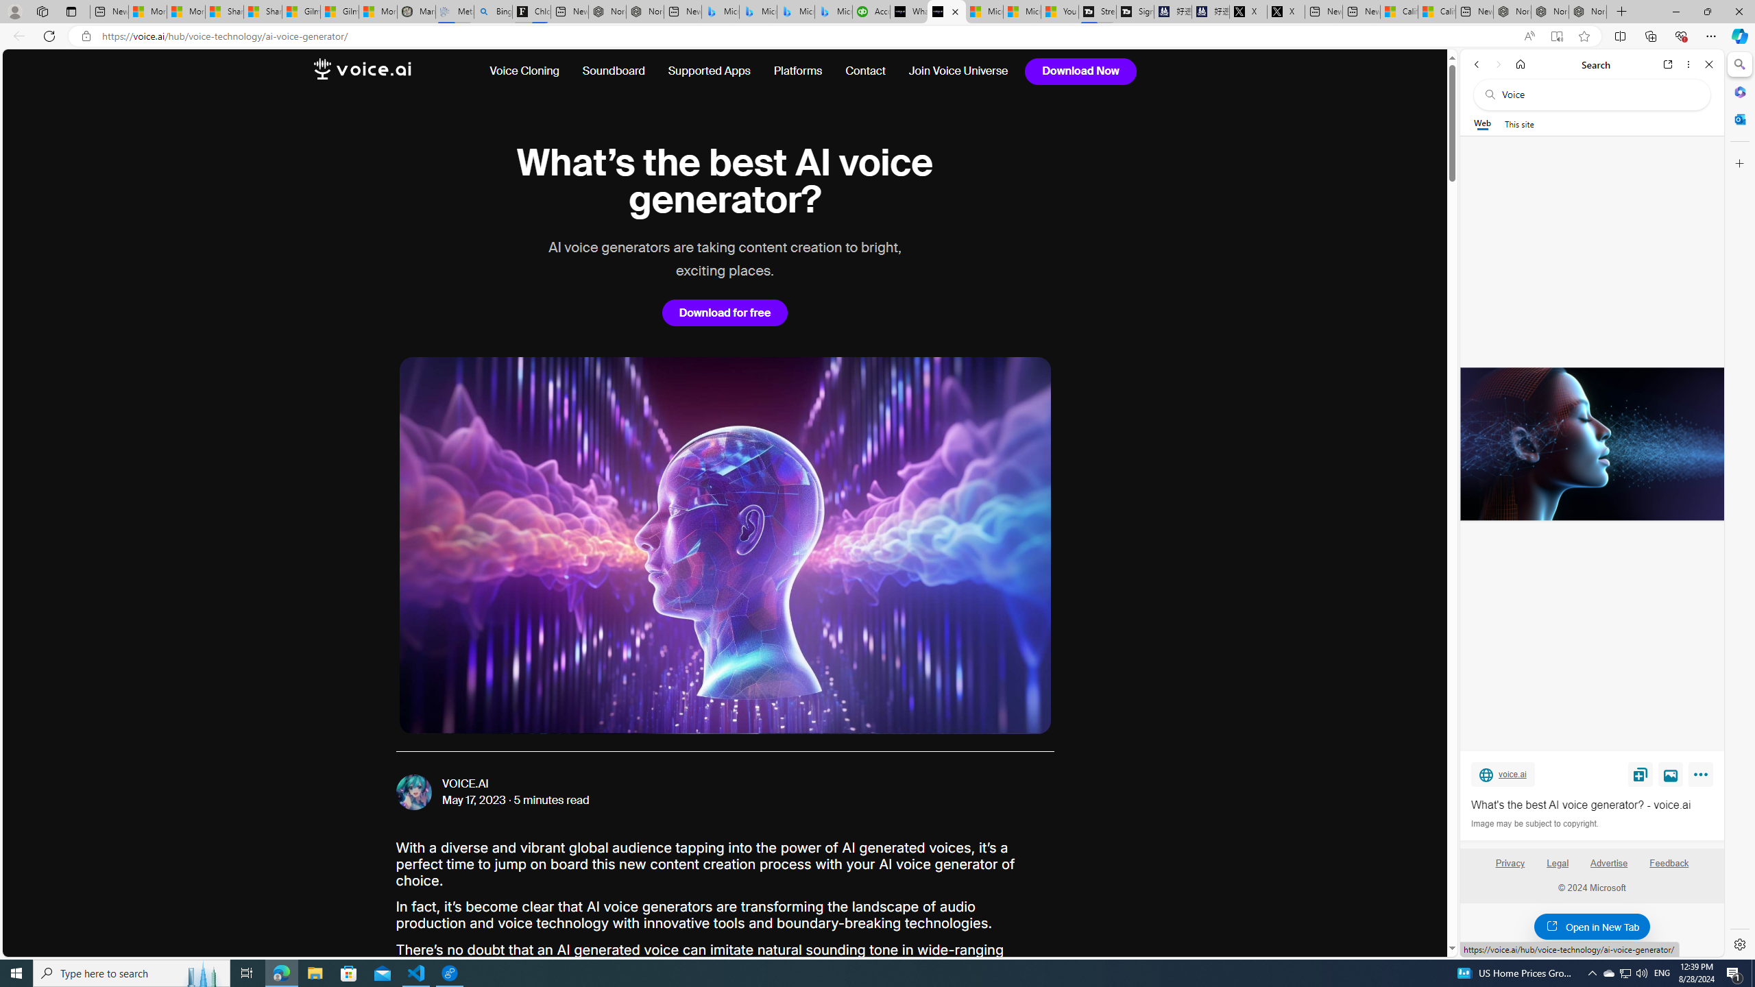  Describe the element at coordinates (1557, 863) in the screenshot. I see `'Legal'` at that location.